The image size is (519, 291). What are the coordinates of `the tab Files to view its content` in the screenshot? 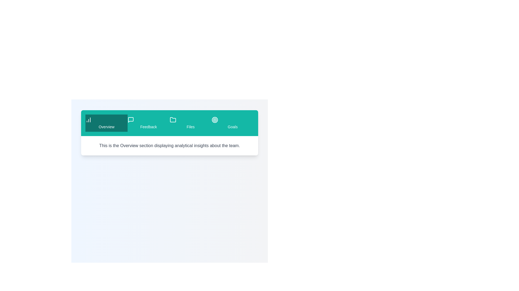 It's located at (191, 123).